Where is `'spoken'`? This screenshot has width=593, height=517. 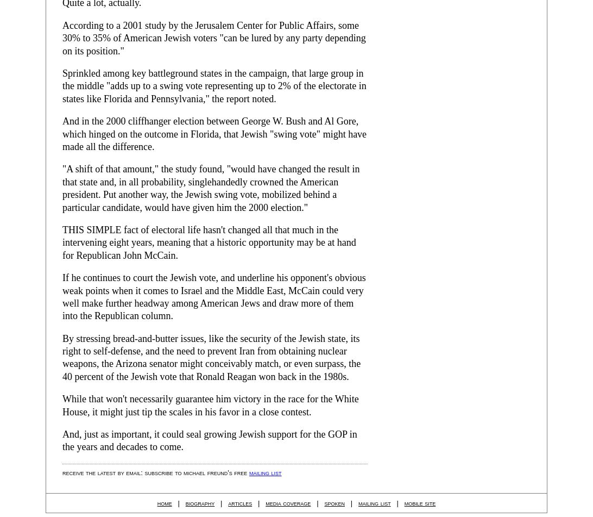
'spoken' is located at coordinates (324, 502).